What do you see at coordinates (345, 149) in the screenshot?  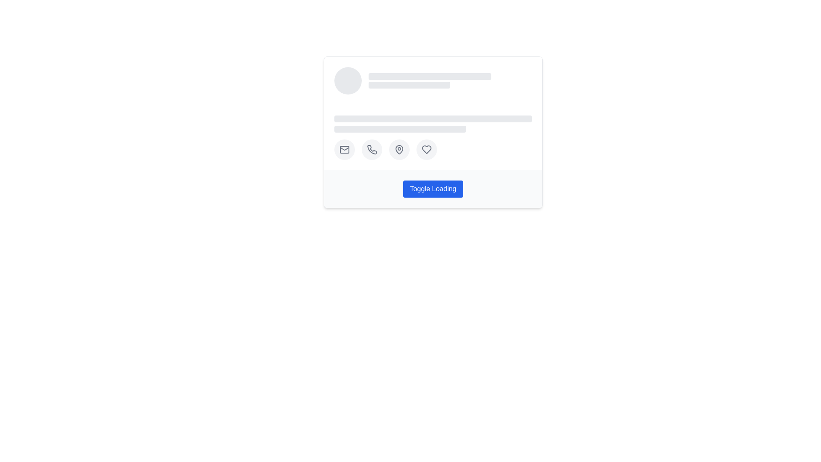 I see `the first button in the horizontal toolbar, which has a light gray background and an envelope icon` at bounding box center [345, 149].